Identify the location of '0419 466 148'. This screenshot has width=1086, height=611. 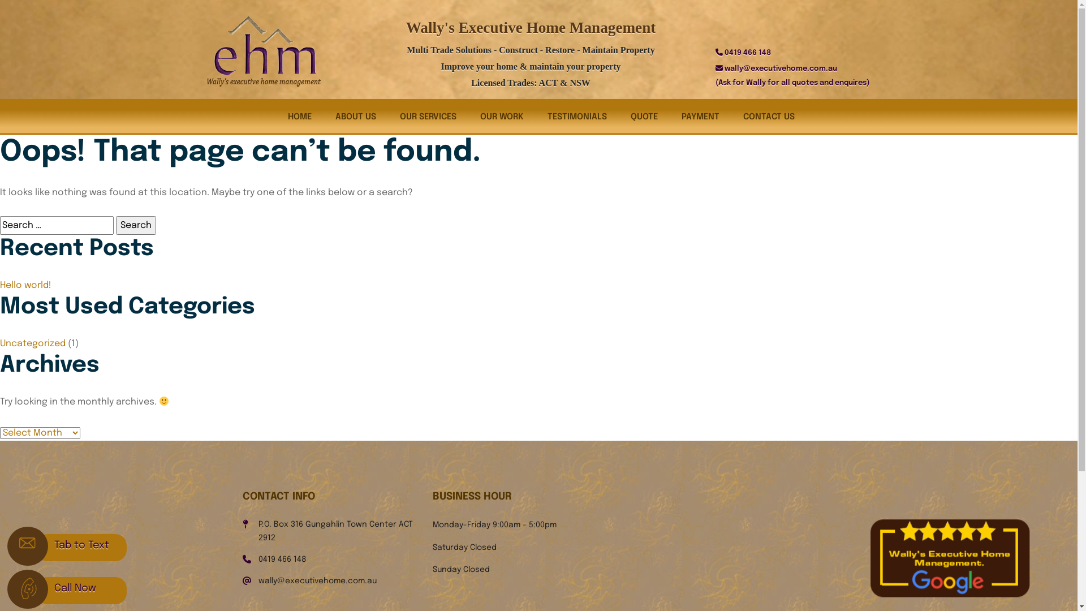
(282, 558).